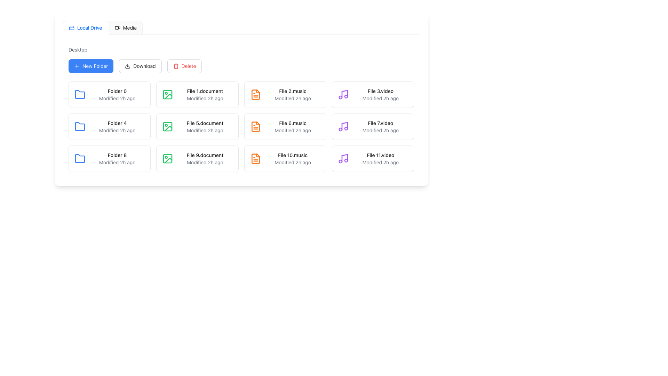 The width and height of the screenshot is (668, 376). I want to click on to select the 'Folder 4' list item, which includes a blue folder icon and has the text 'Modified 2h ago' below it, so click(109, 126).